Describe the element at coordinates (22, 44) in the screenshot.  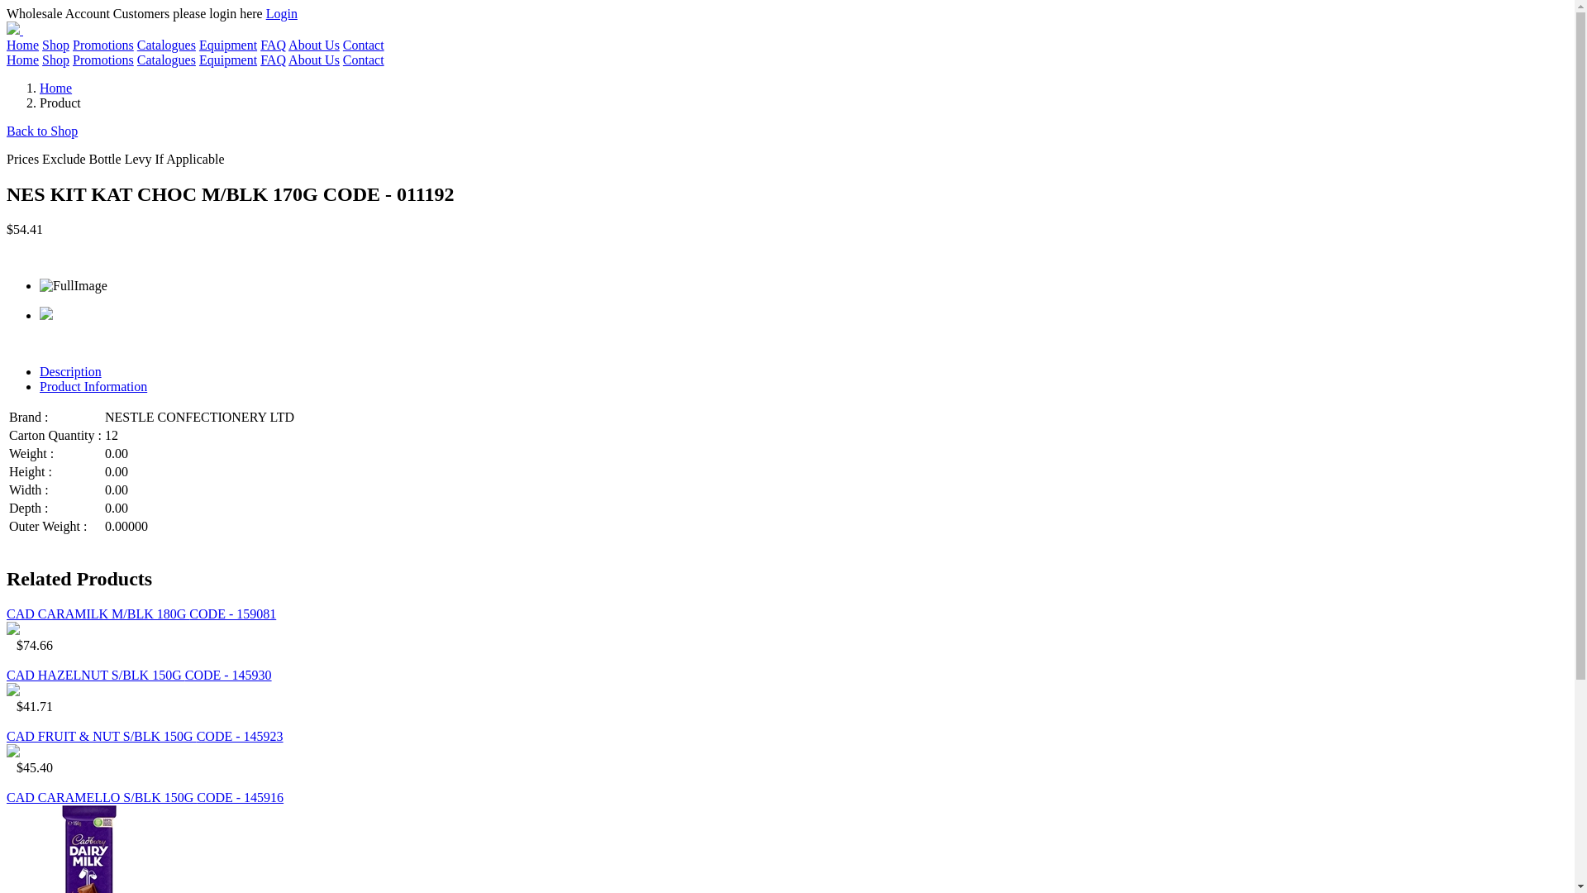
I see `'Home'` at that location.